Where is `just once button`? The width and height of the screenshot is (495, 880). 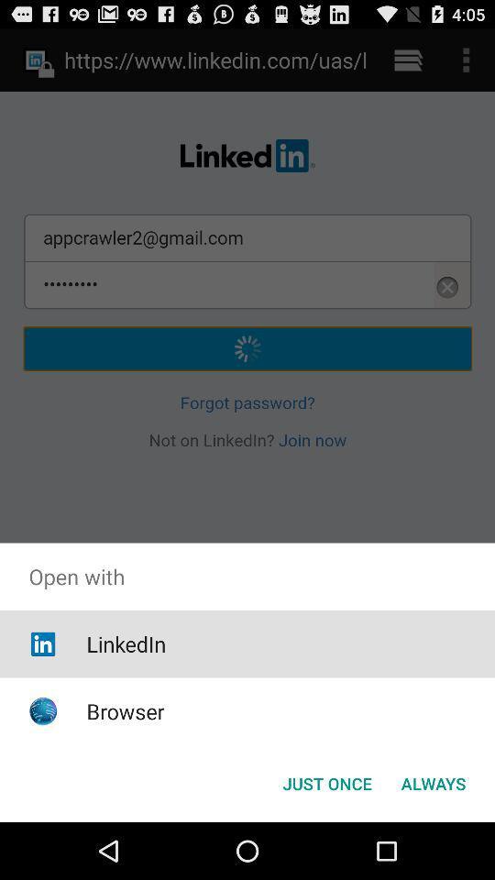 just once button is located at coordinates (326, 782).